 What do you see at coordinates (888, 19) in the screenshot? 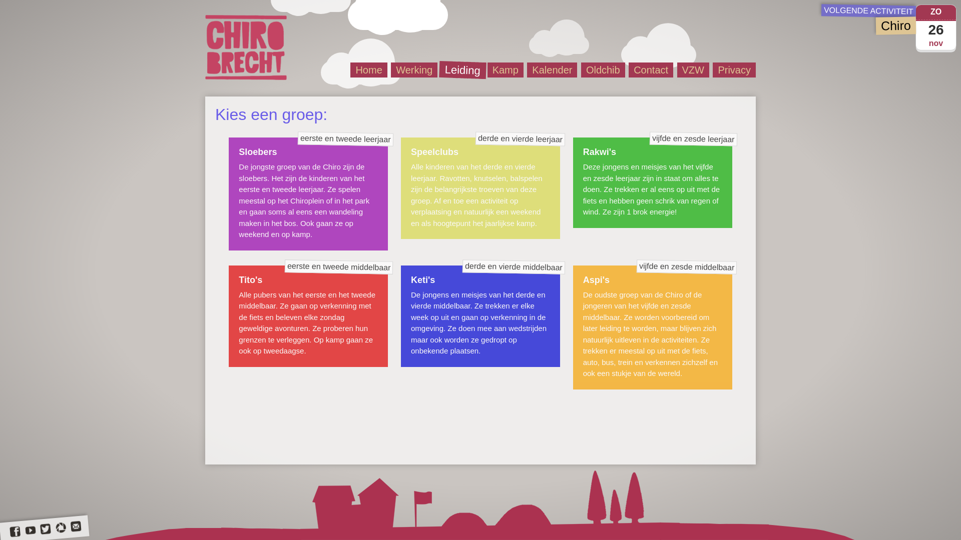
I see `'nov` at bounding box center [888, 19].